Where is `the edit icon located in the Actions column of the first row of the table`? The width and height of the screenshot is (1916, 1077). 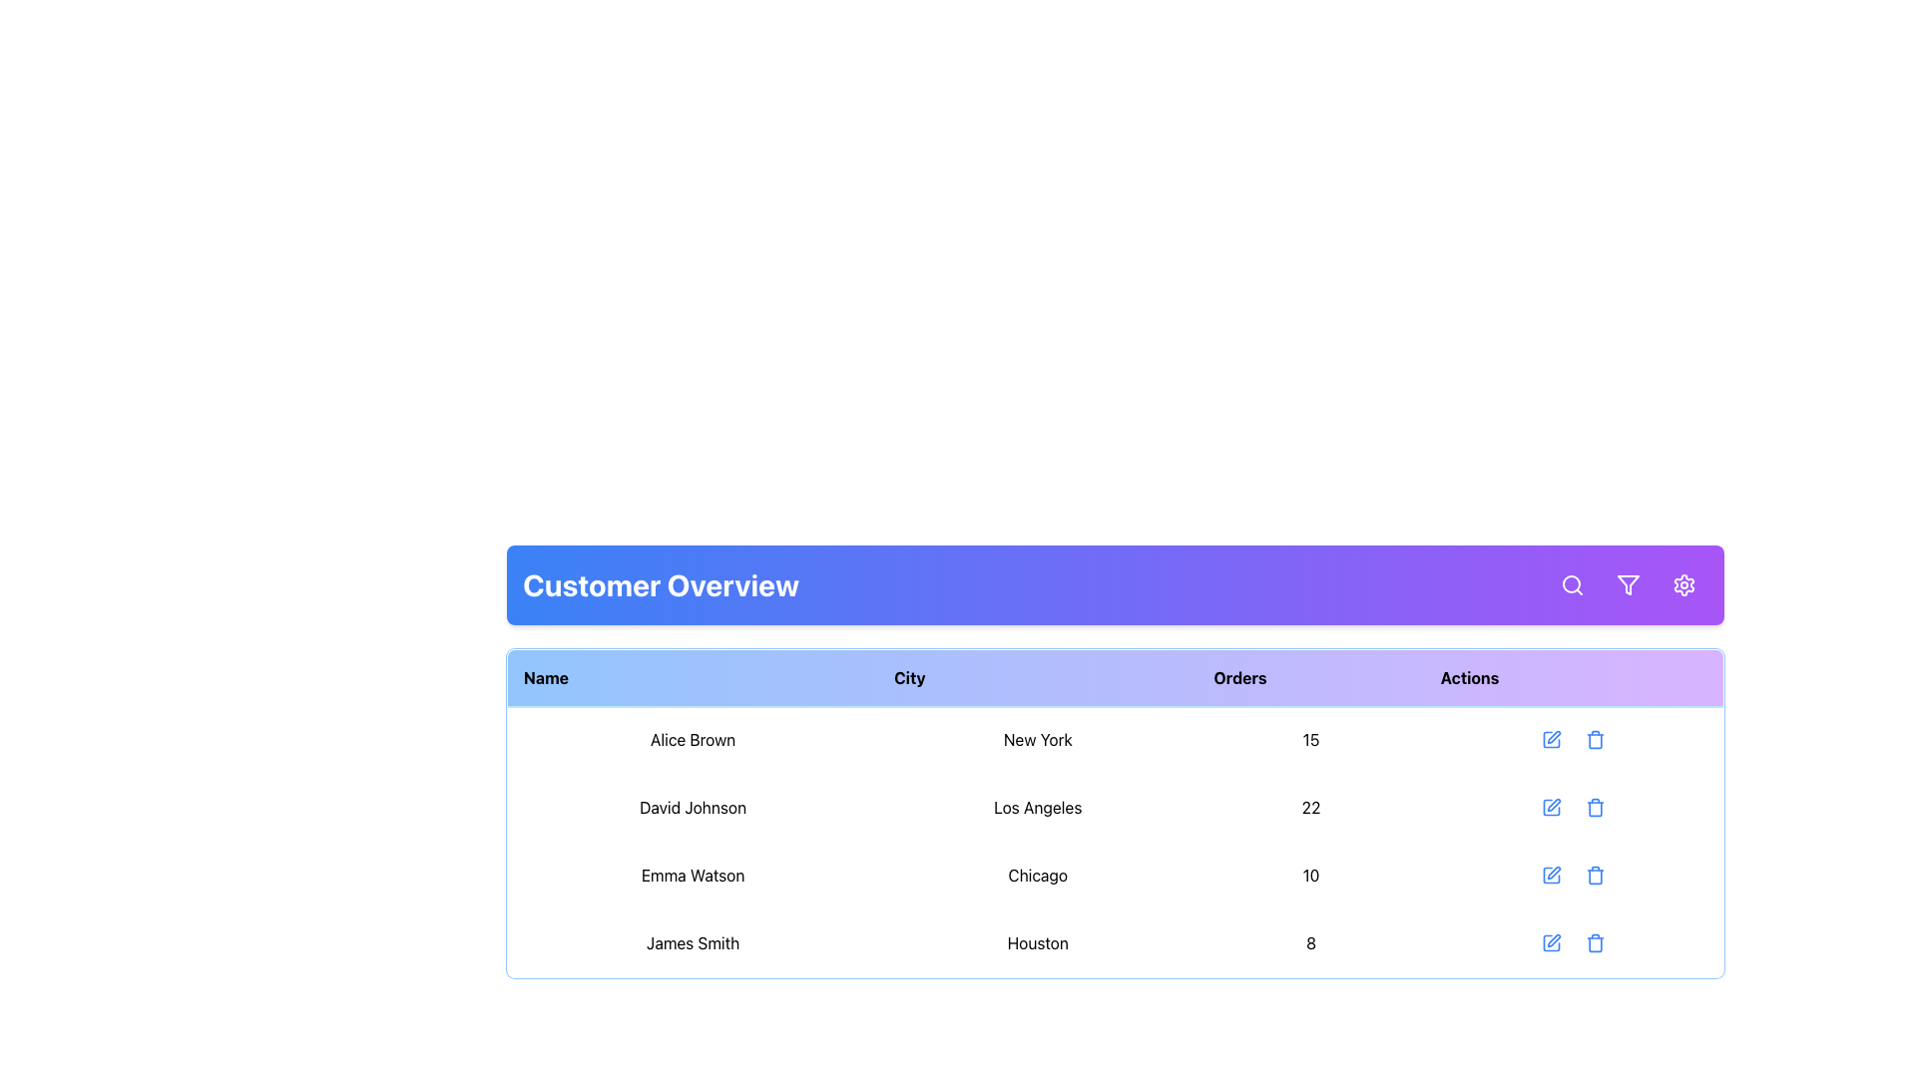
the edit icon located in the Actions column of the first row of the table is located at coordinates (1551, 739).